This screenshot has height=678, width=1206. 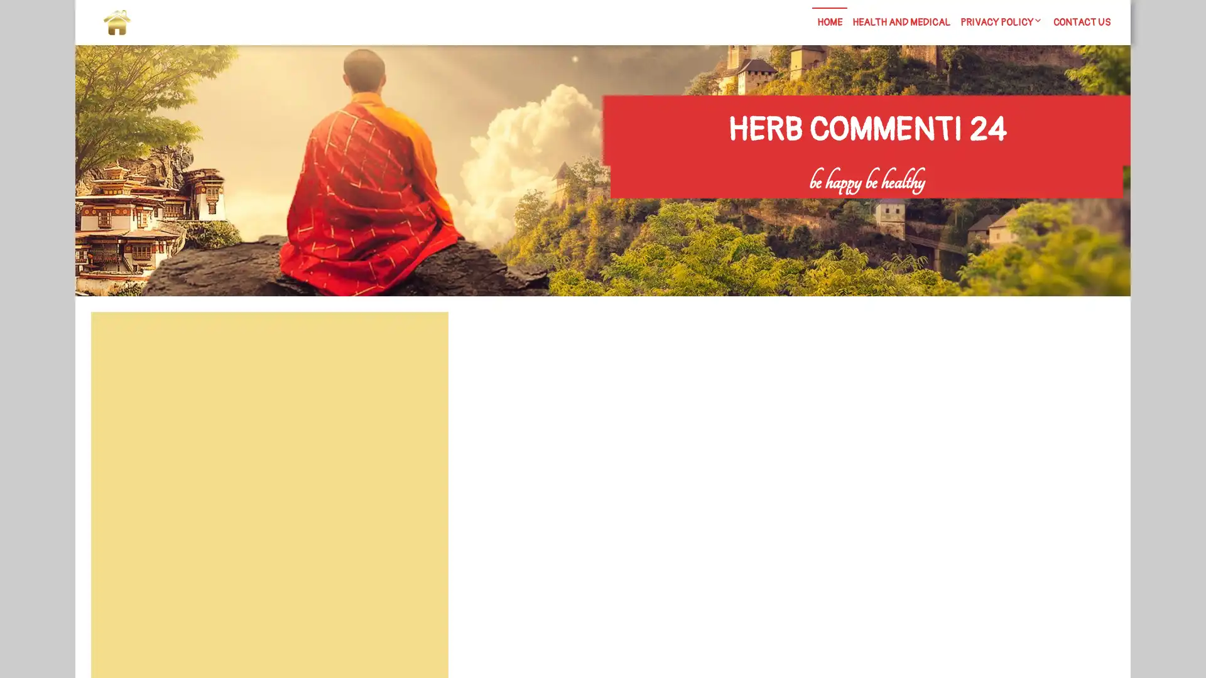 What do you see at coordinates (978, 205) in the screenshot?
I see `Search` at bounding box center [978, 205].